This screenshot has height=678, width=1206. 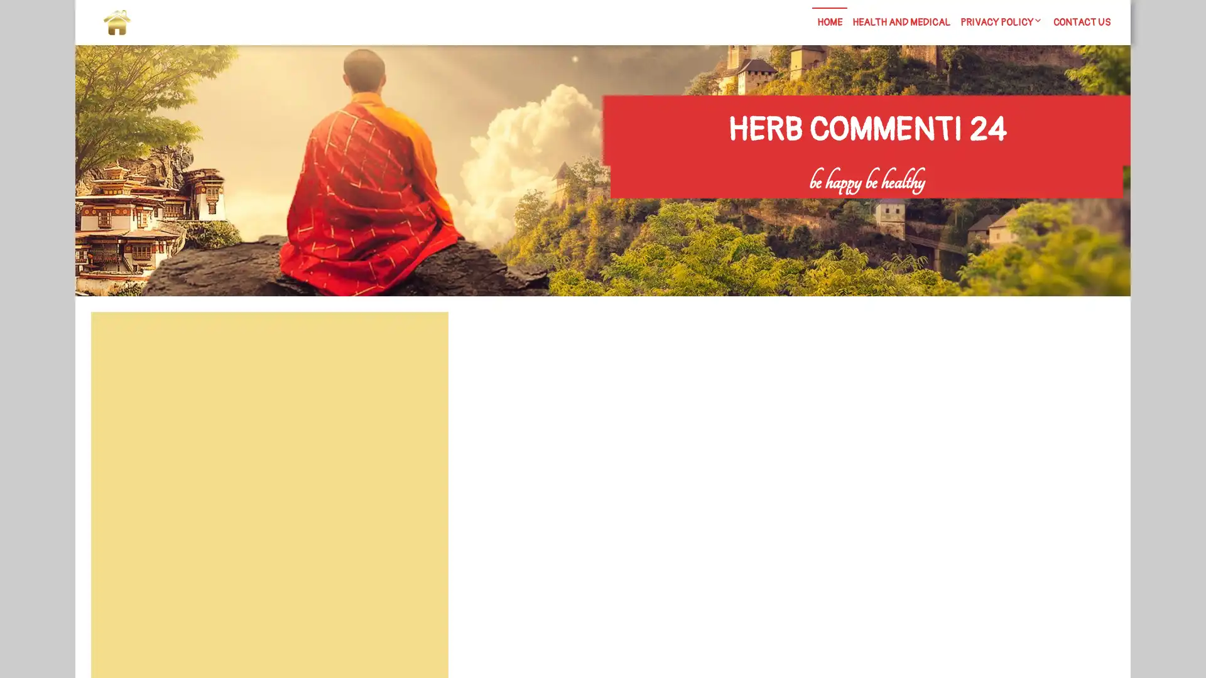 What do you see at coordinates (978, 205) in the screenshot?
I see `Search` at bounding box center [978, 205].